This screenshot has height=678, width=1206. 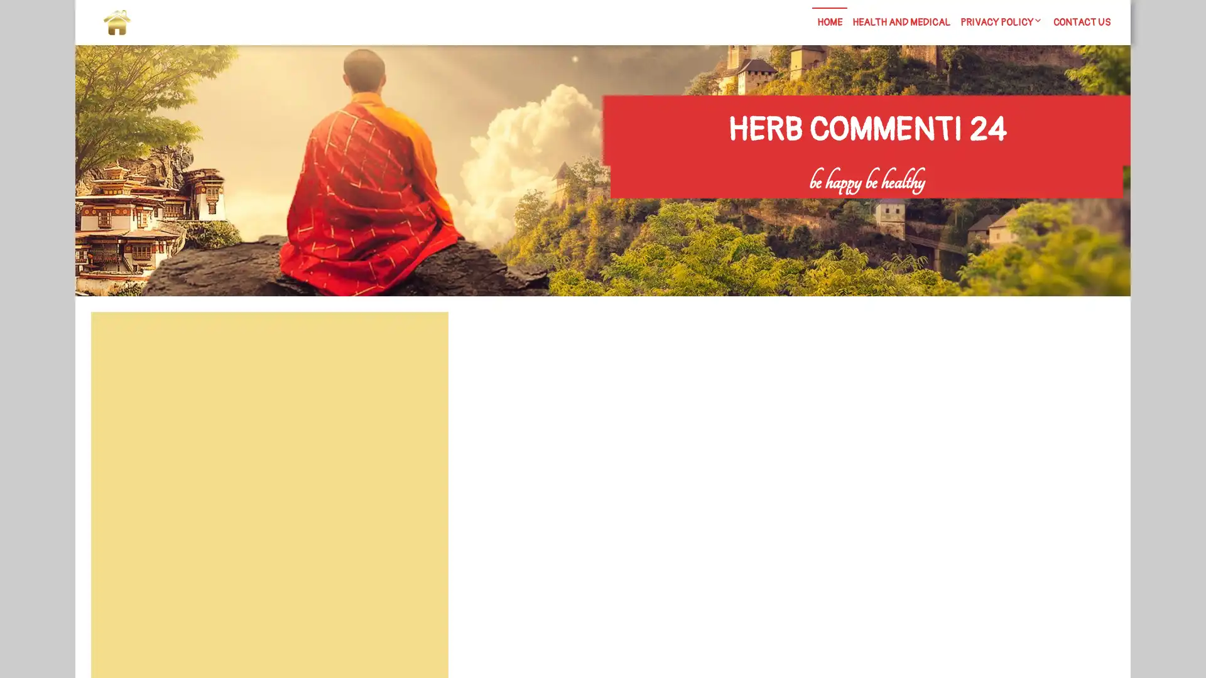 What do you see at coordinates (978, 205) in the screenshot?
I see `Search` at bounding box center [978, 205].